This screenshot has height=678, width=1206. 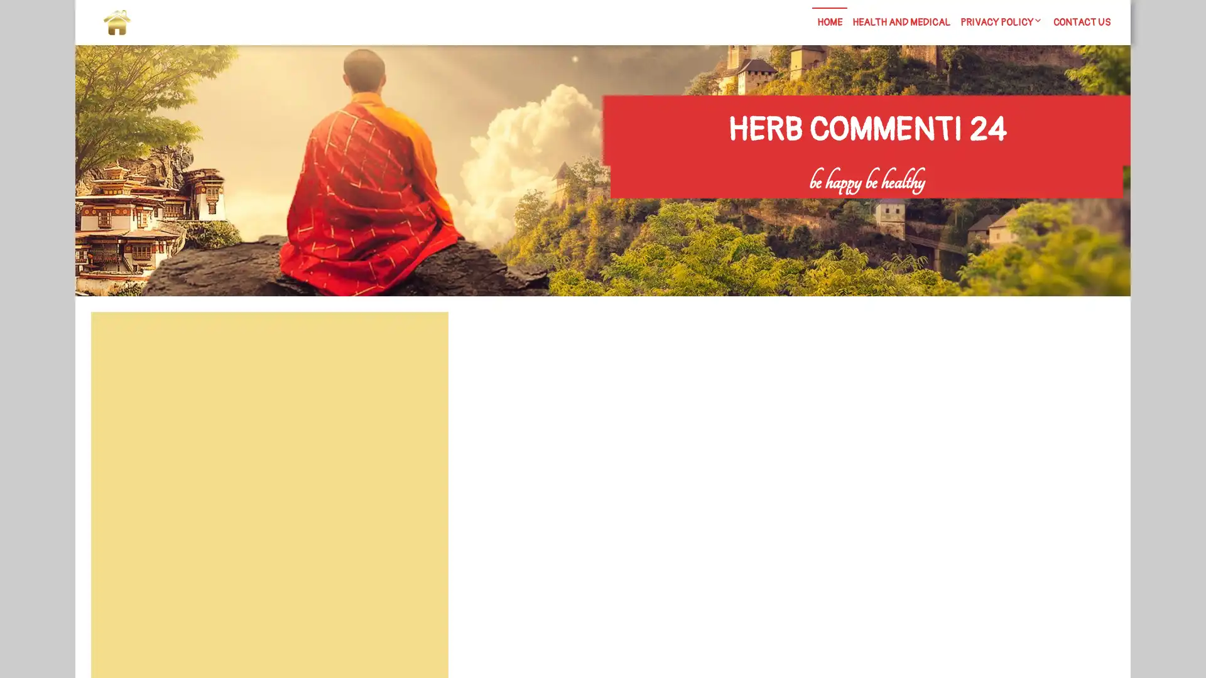 What do you see at coordinates (978, 205) in the screenshot?
I see `Search` at bounding box center [978, 205].